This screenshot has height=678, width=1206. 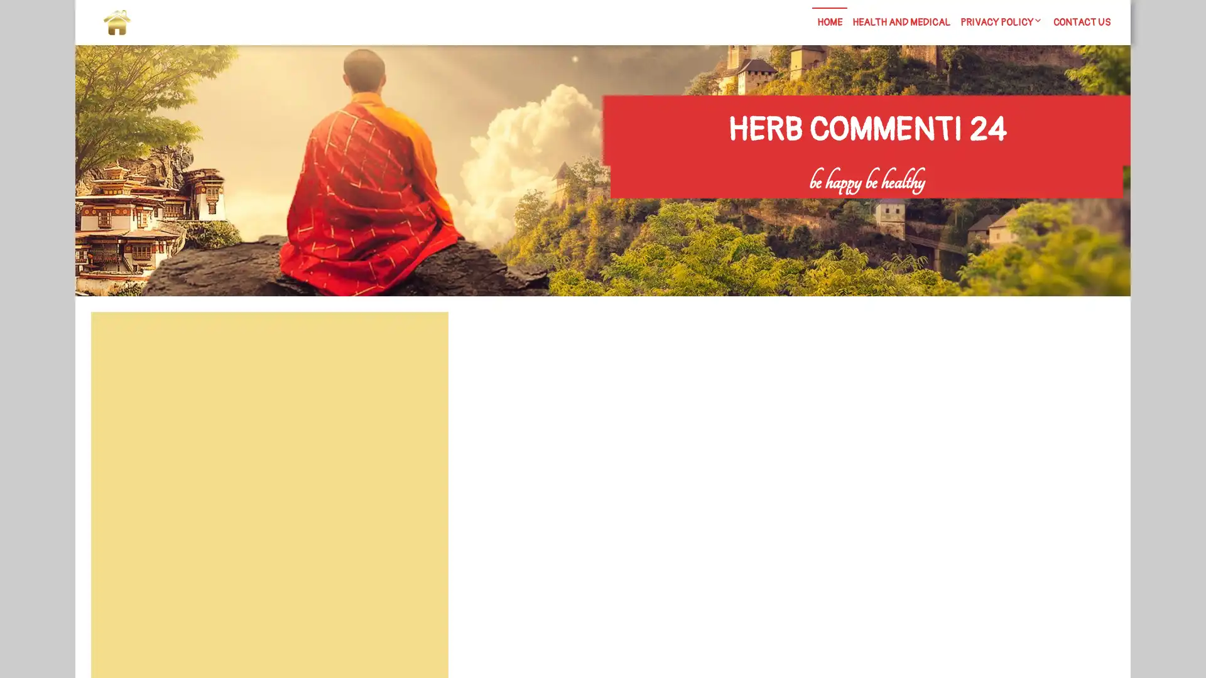 What do you see at coordinates (978, 205) in the screenshot?
I see `Search` at bounding box center [978, 205].